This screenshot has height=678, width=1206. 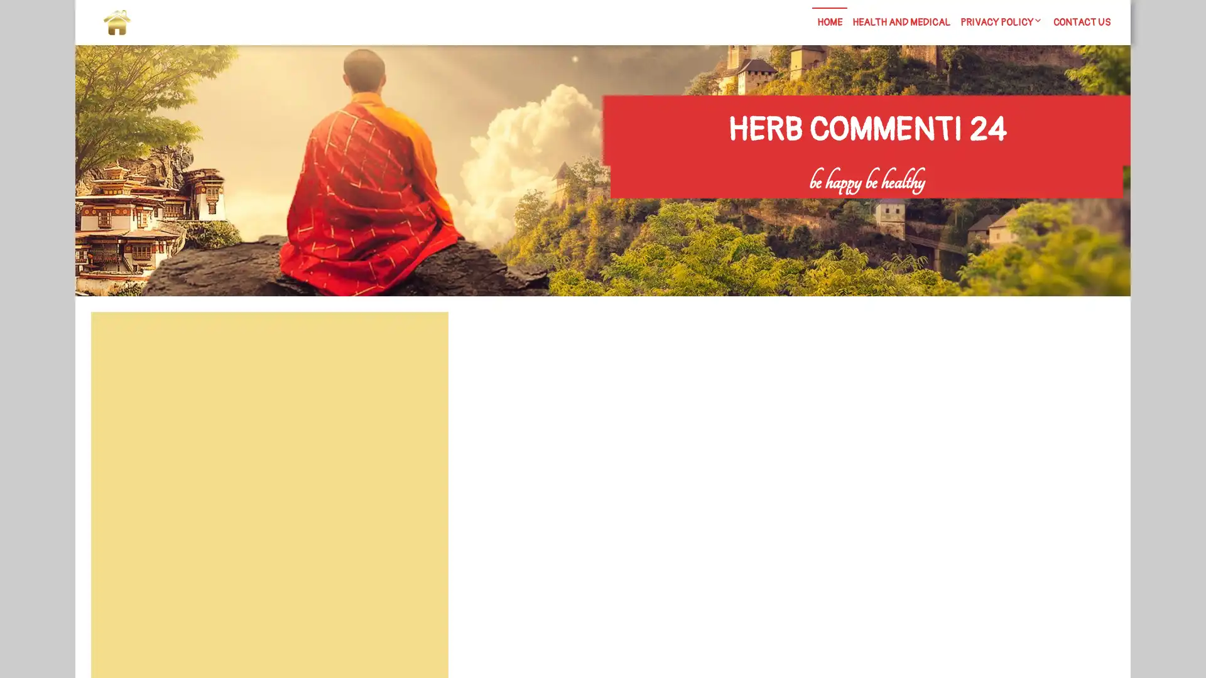 What do you see at coordinates (978, 205) in the screenshot?
I see `Search` at bounding box center [978, 205].